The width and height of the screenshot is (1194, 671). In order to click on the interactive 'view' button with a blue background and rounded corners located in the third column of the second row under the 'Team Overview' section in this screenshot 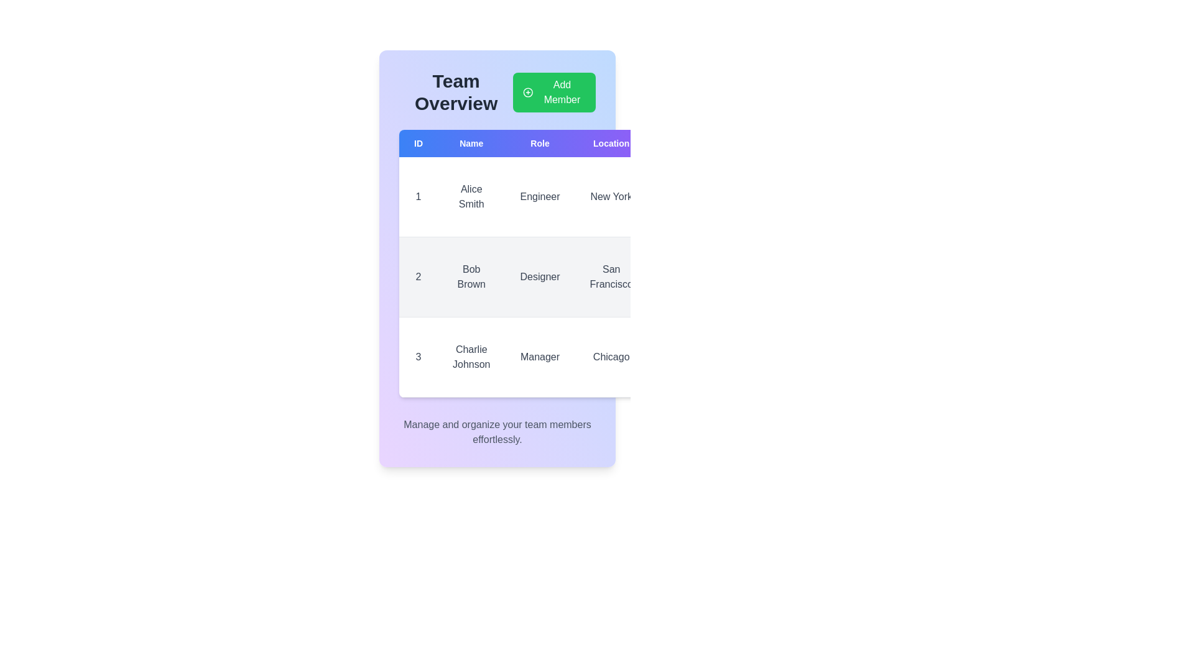, I will do `click(675, 256)`.